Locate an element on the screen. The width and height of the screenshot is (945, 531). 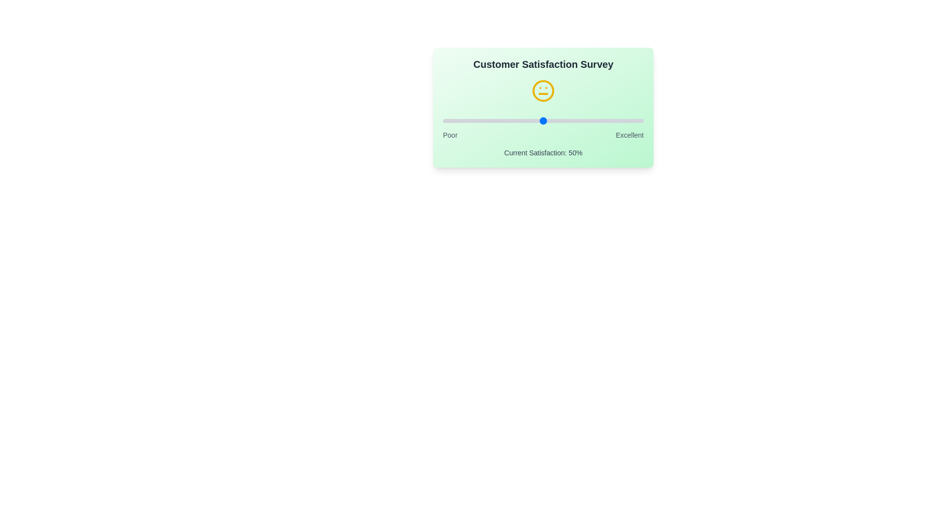
the satisfaction slider to 83% to observe the emoji change is located at coordinates (609, 120).